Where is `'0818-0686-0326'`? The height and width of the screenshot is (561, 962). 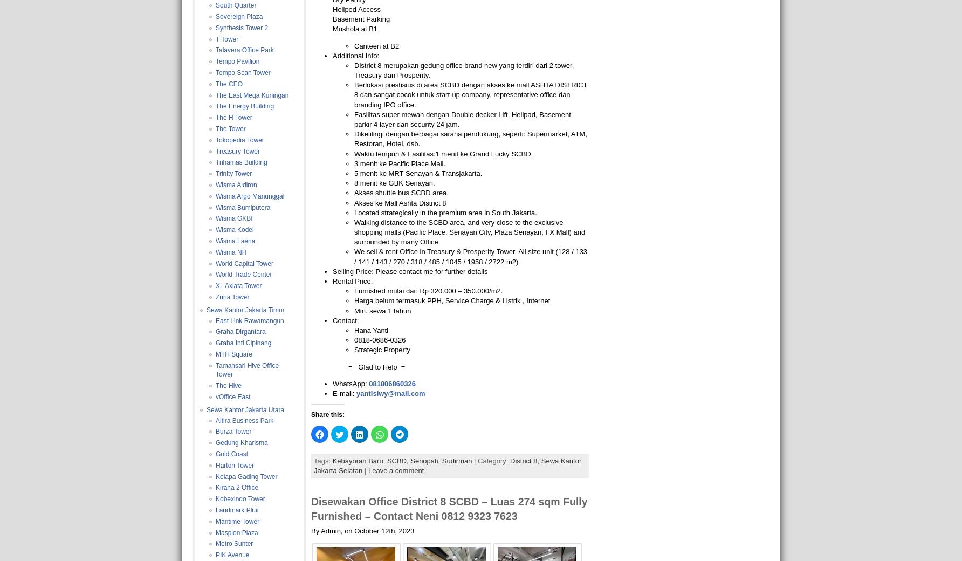 '0818-0686-0326' is located at coordinates (380, 339).